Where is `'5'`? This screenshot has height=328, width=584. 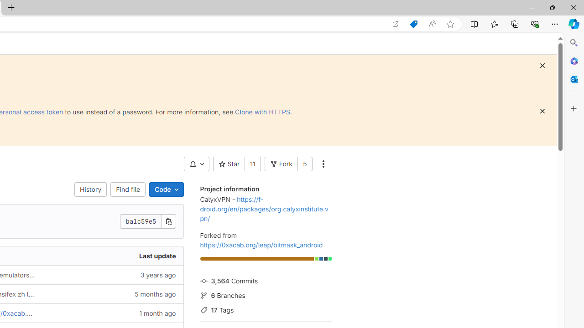
'5' is located at coordinates (305, 164).